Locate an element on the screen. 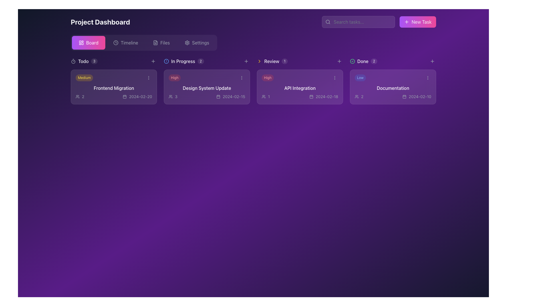 The width and height of the screenshot is (548, 308). the 'In Progress' column header which displays the text 'In Progress' and has a badge showing the digit '2' on the right is located at coordinates (184, 61).